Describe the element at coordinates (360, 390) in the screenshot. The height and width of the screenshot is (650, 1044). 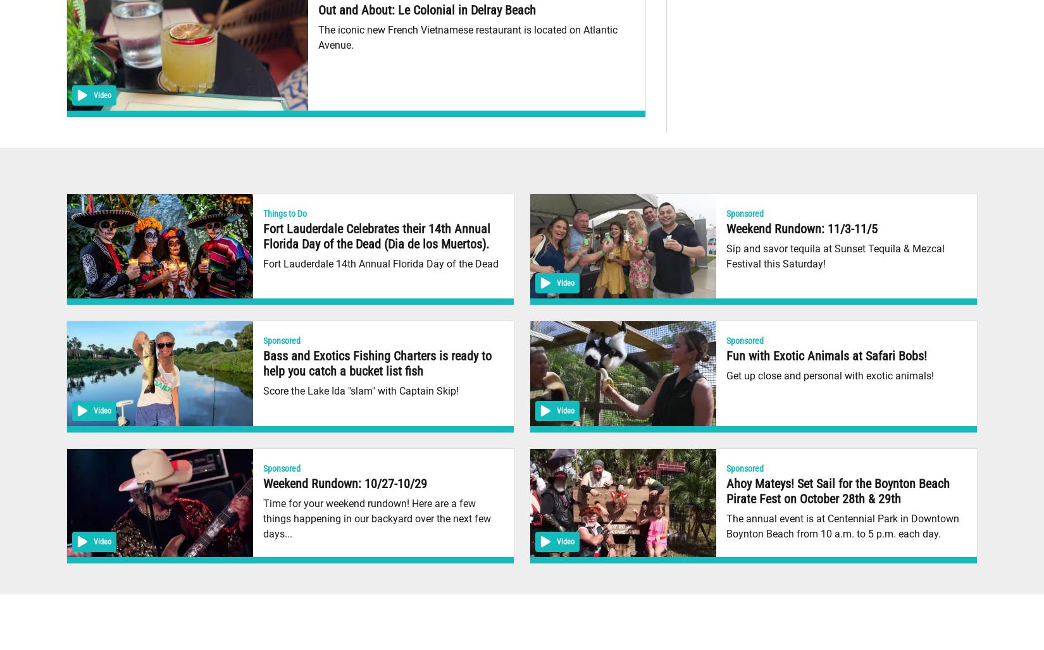
I see `'Score the Lake Ida "slam" with Captain Skip!'` at that location.